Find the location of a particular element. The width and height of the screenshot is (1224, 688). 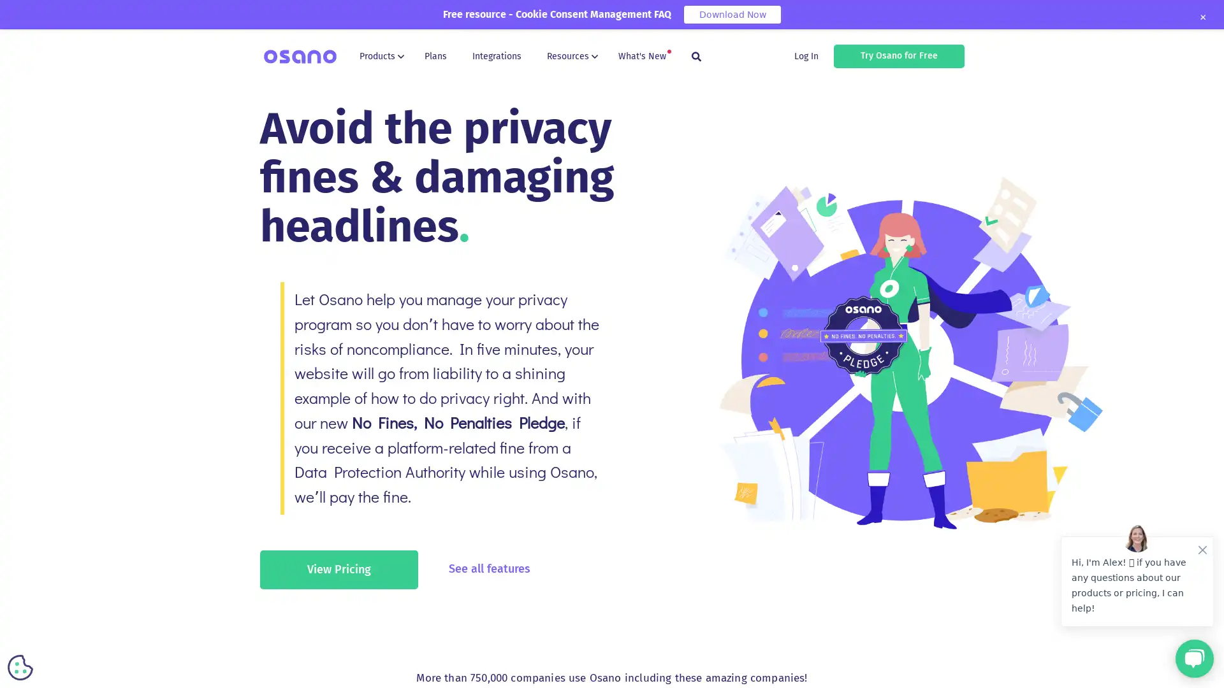

Close is located at coordinates (1202, 17).